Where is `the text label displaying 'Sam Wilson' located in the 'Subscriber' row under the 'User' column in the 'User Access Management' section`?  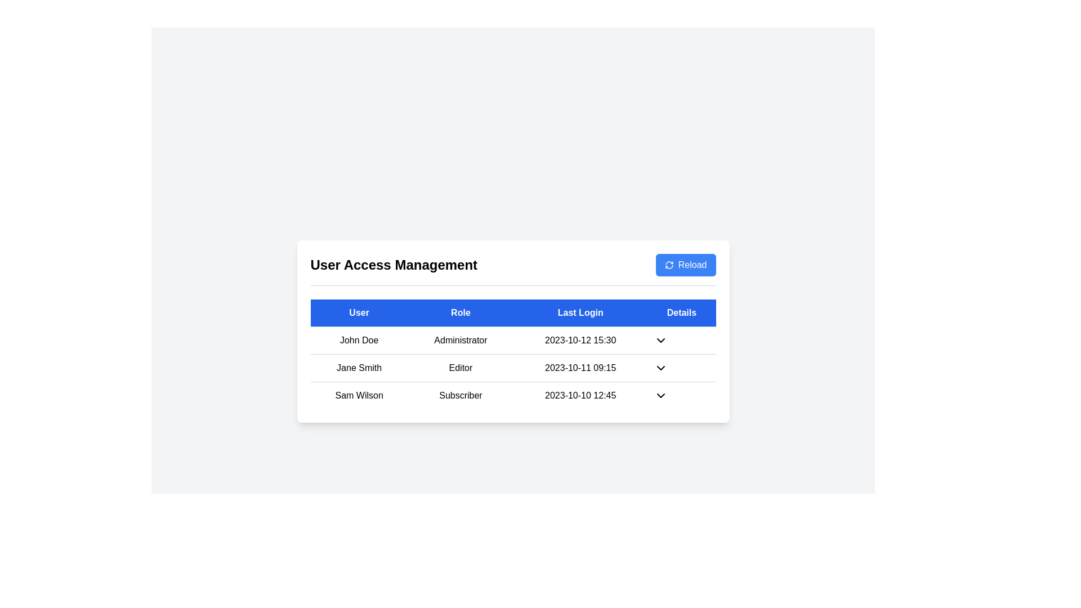
the text label displaying 'Sam Wilson' located in the 'Subscriber' row under the 'User' column in the 'User Access Management' section is located at coordinates (359, 395).